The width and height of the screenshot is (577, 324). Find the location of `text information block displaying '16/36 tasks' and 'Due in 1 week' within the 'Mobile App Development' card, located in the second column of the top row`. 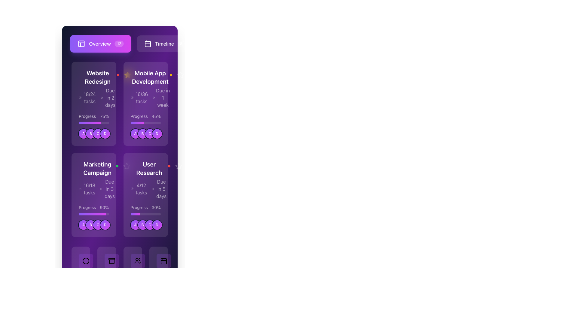

text information block displaying '16/36 tasks' and 'Due in 1 week' within the 'Mobile App Development' card, located in the second column of the top row is located at coordinates (150, 97).